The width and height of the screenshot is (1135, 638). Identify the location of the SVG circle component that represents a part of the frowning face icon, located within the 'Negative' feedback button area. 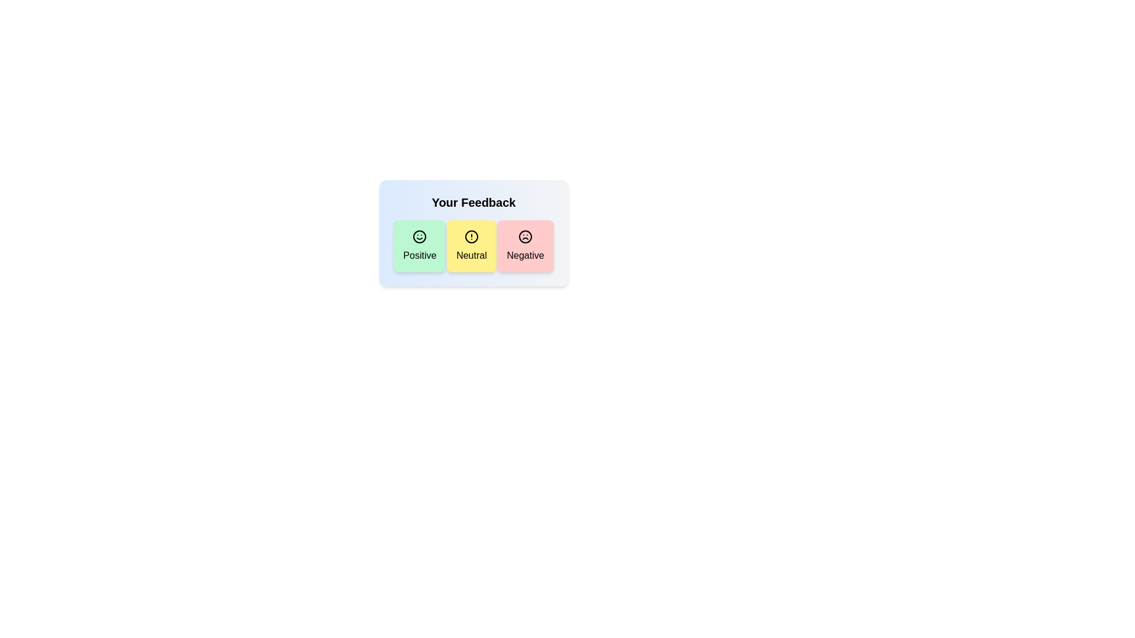
(524, 237).